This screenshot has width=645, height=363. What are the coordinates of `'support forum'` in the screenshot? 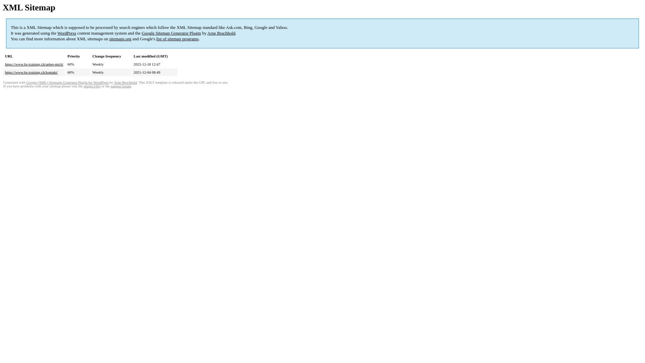 It's located at (121, 86).